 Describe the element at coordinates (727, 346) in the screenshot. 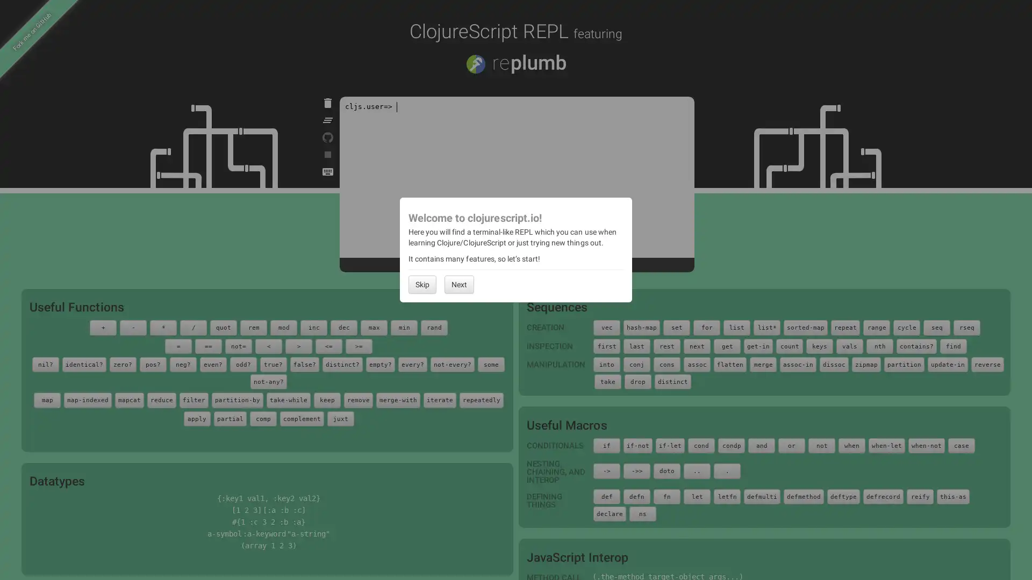

I see `get` at that location.